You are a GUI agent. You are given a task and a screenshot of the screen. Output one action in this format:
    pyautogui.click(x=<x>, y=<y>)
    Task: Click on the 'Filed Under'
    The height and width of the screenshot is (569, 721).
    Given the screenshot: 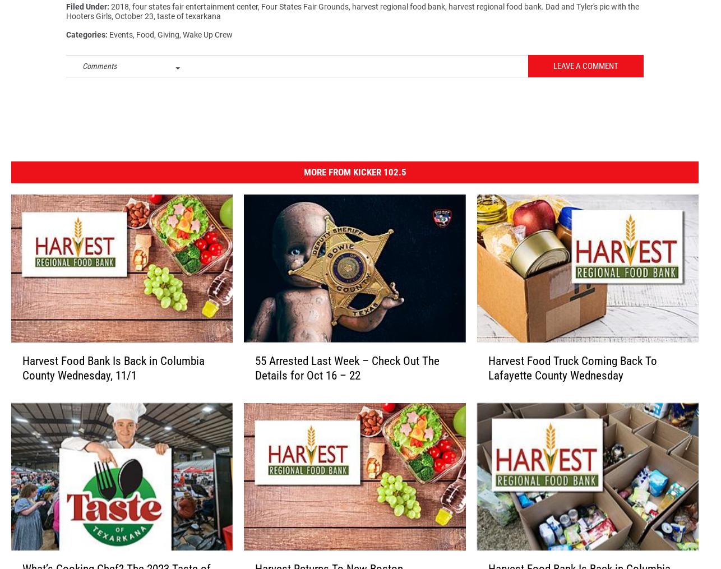 What is the action you would take?
    pyautogui.click(x=86, y=11)
    